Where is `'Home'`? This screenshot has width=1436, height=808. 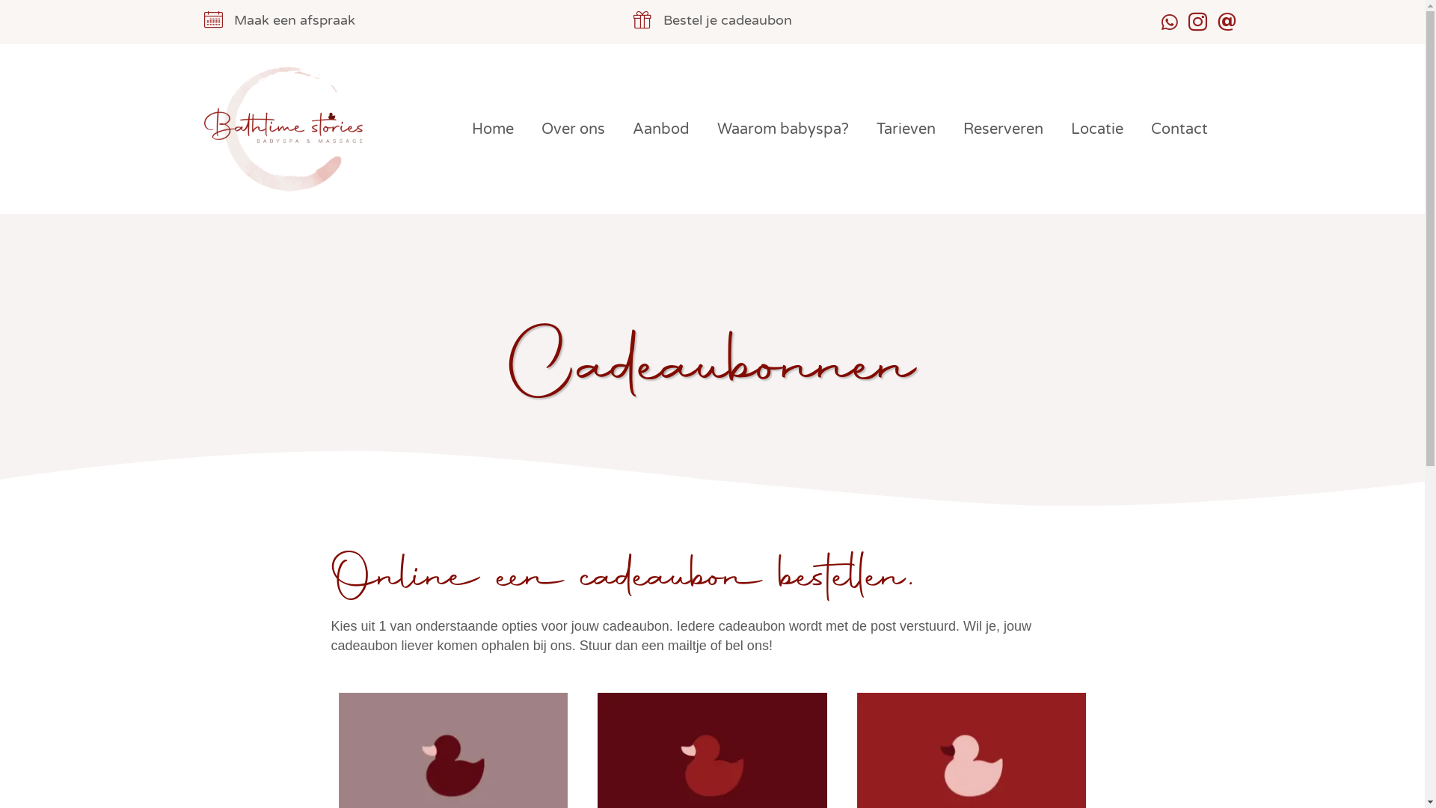
'Home' is located at coordinates (491, 129).